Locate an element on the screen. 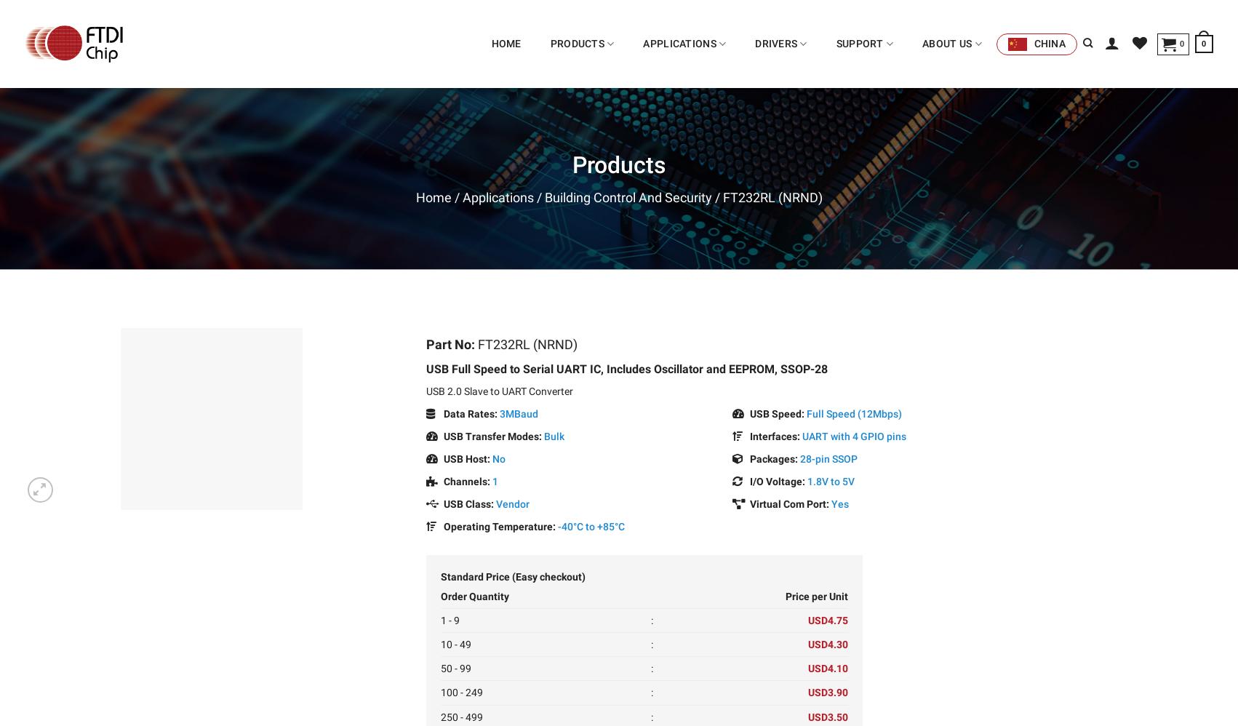  'Support' is located at coordinates (836, 42).